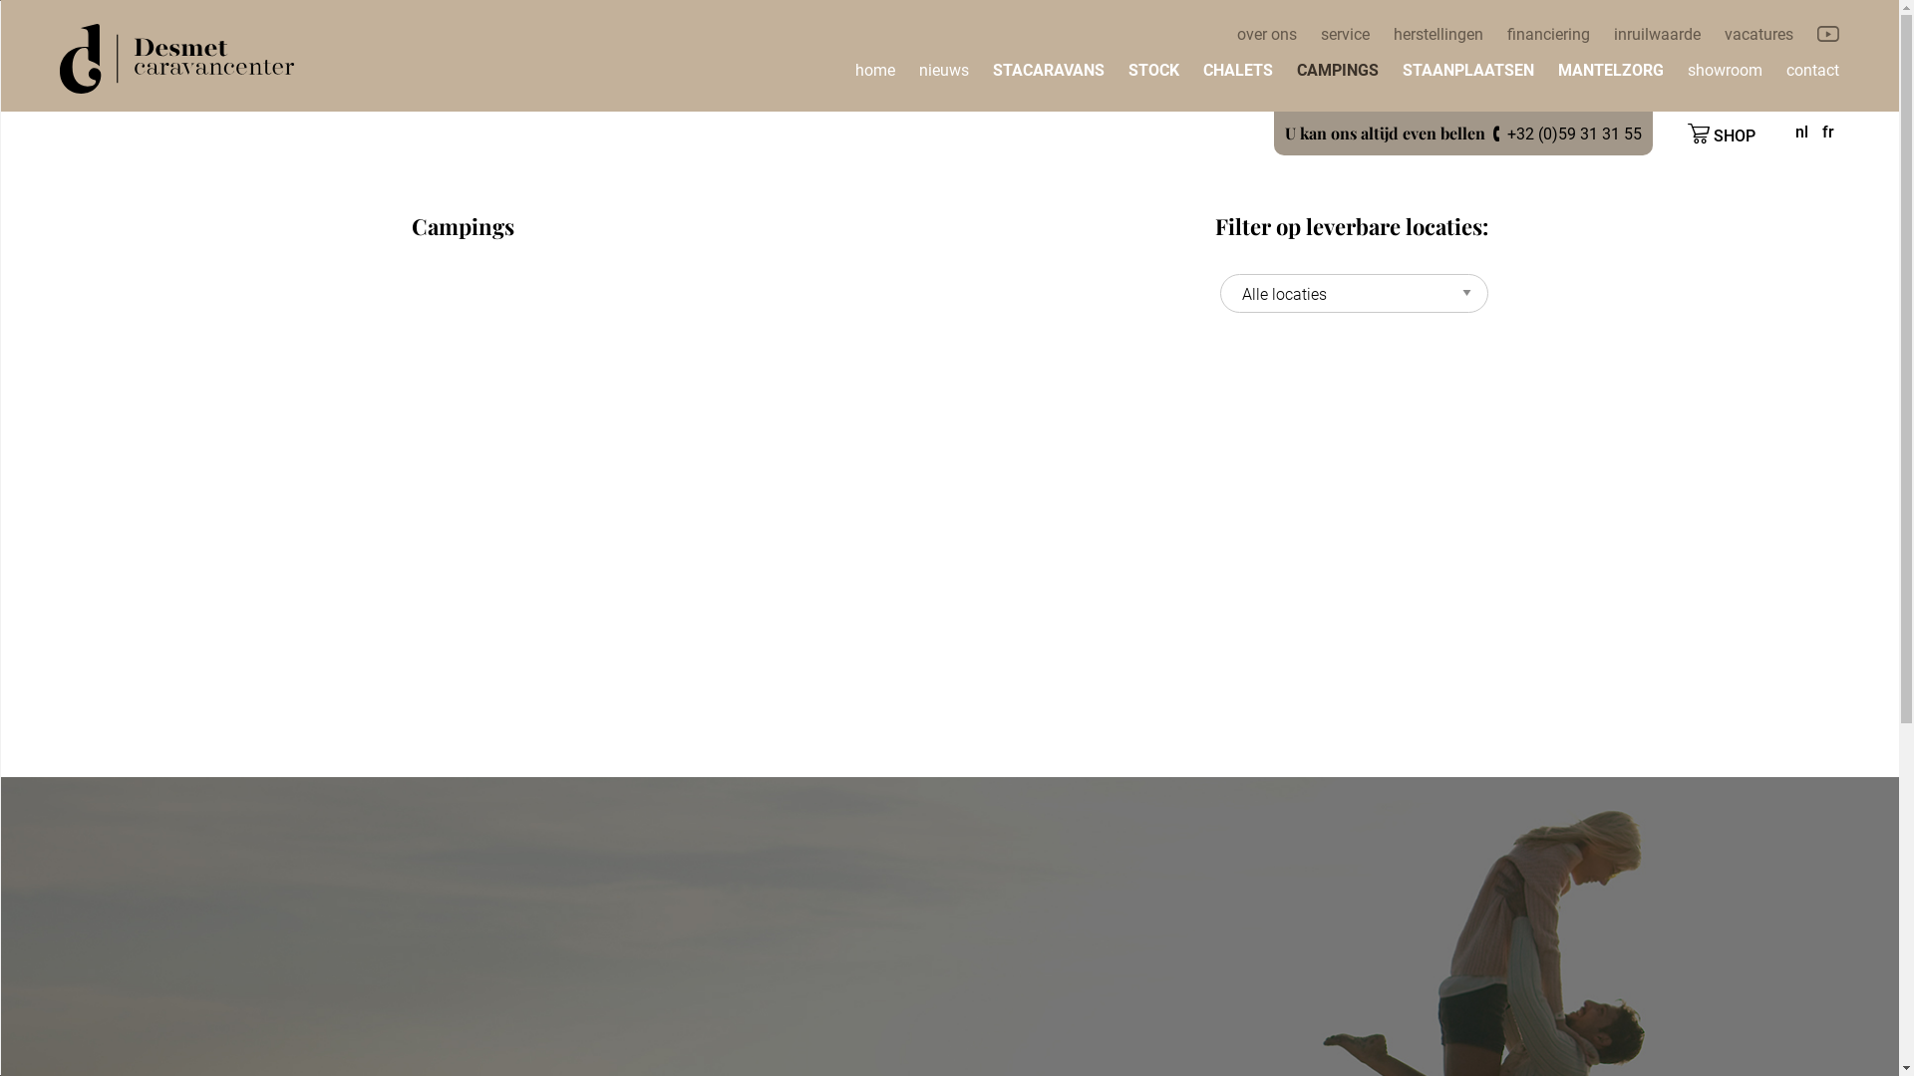 This screenshot has width=1914, height=1076. Describe the element at coordinates (1758, 34) in the screenshot. I see `'vacatures'` at that location.